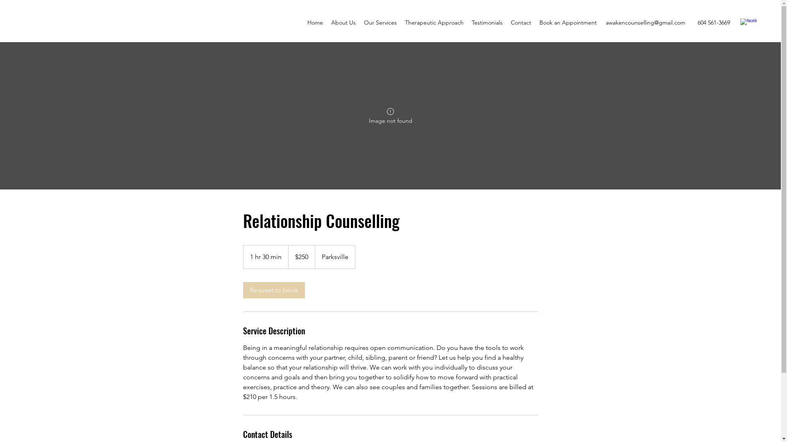  What do you see at coordinates (434, 22) in the screenshot?
I see `'Therapeutic Approach'` at bounding box center [434, 22].